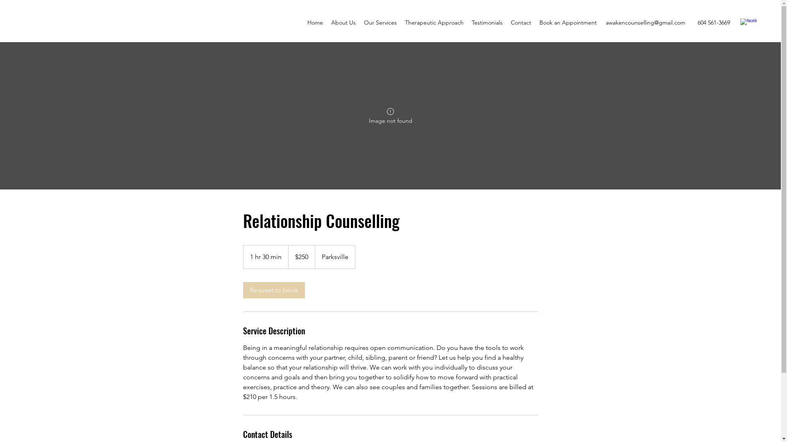  What do you see at coordinates (434, 22) in the screenshot?
I see `'Therapeutic Approach'` at bounding box center [434, 22].